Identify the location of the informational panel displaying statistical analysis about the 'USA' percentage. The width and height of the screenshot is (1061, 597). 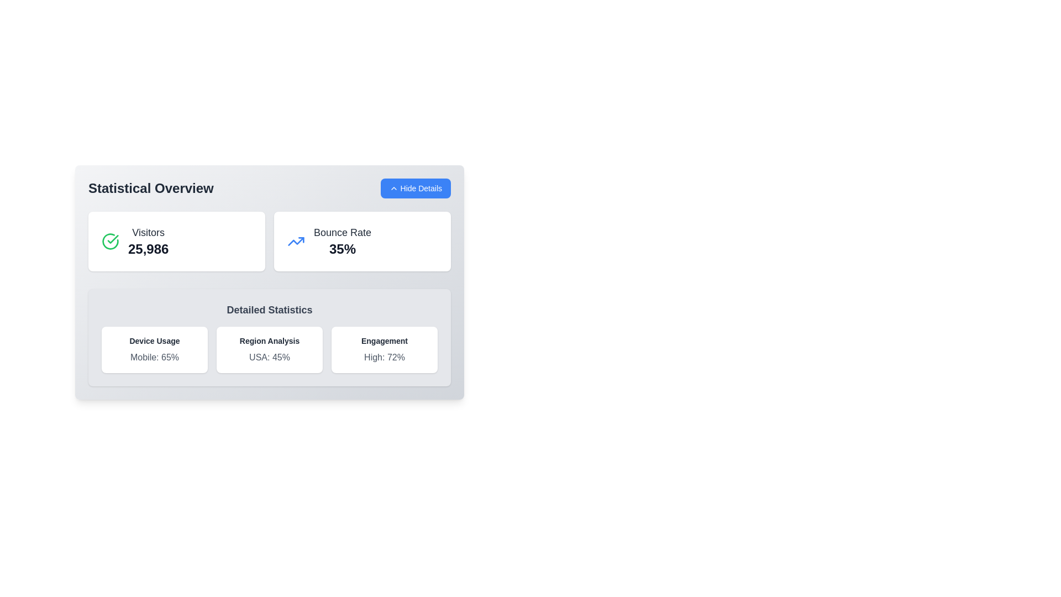
(270, 349).